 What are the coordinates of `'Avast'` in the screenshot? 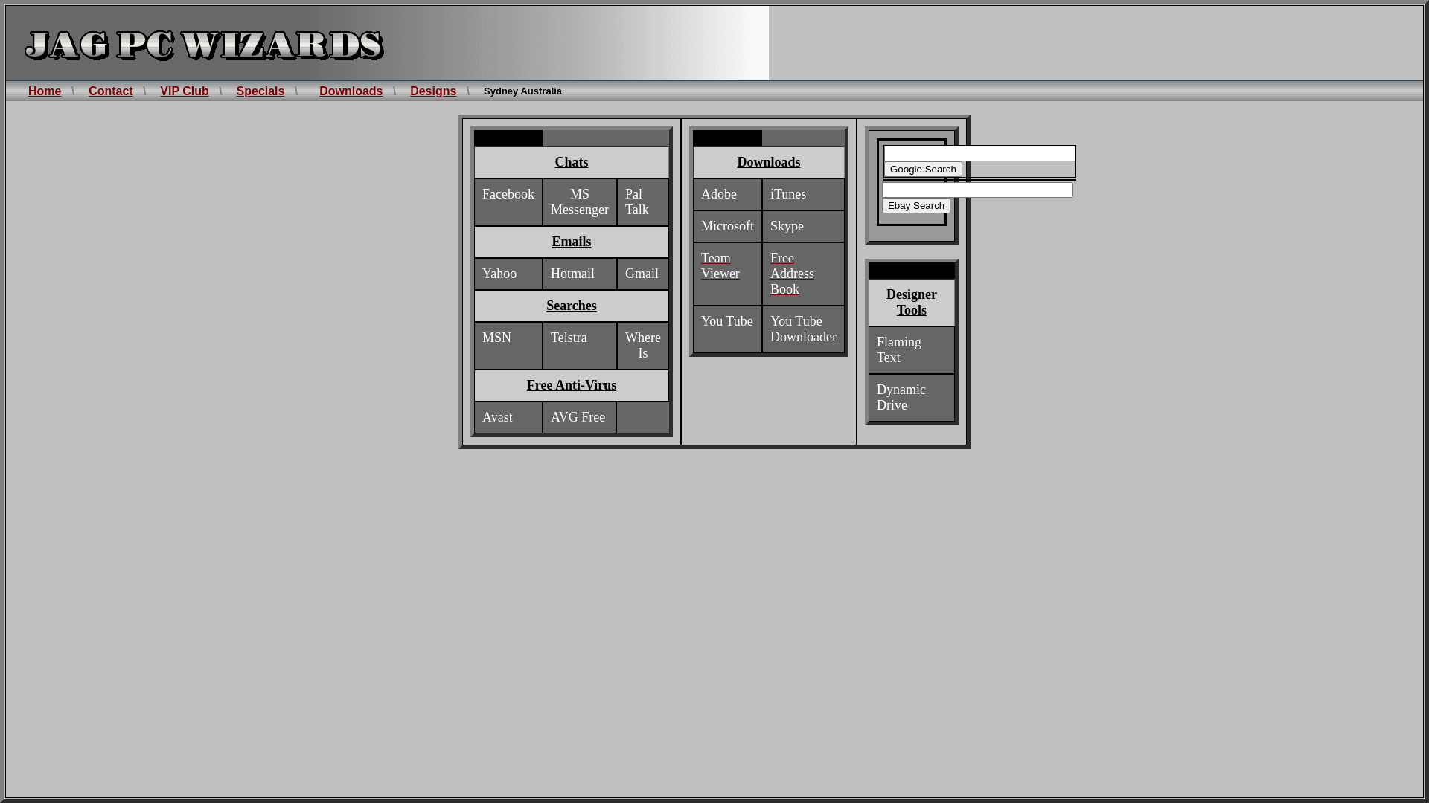 It's located at (482, 417).